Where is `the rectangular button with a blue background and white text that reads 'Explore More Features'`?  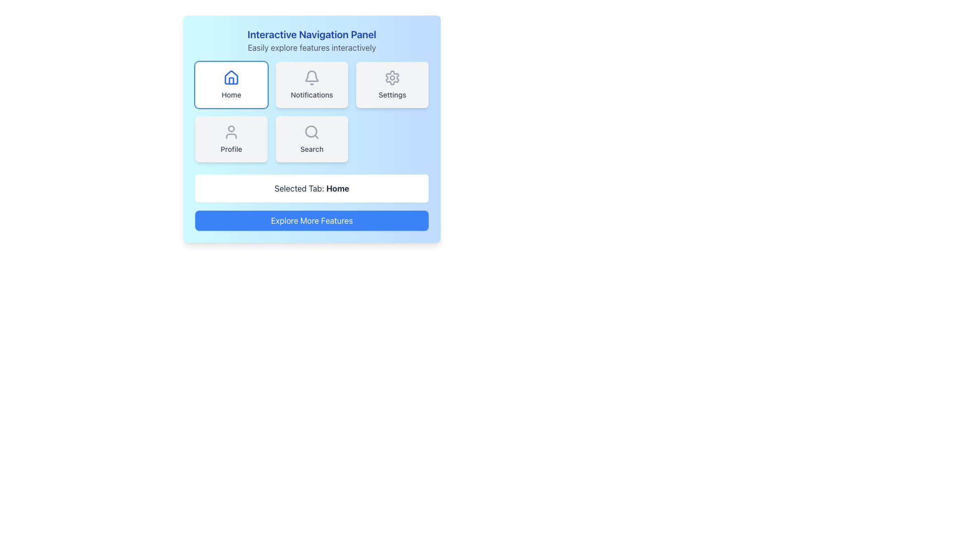 the rectangular button with a blue background and white text that reads 'Explore More Features' is located at coordinates (311, 220).